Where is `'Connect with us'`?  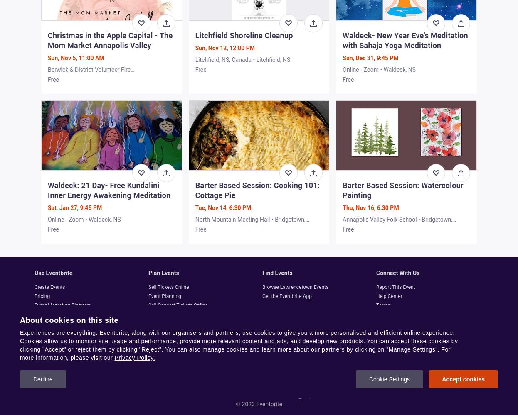 'Connect with us' is located at coordinates (398, 273).